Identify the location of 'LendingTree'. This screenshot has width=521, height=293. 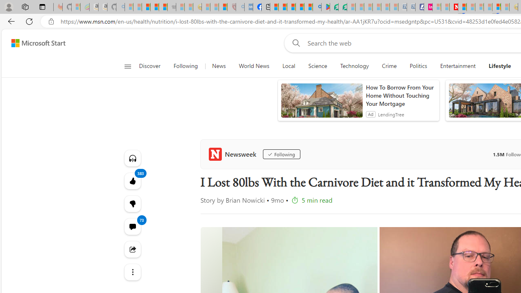
(391, 114).